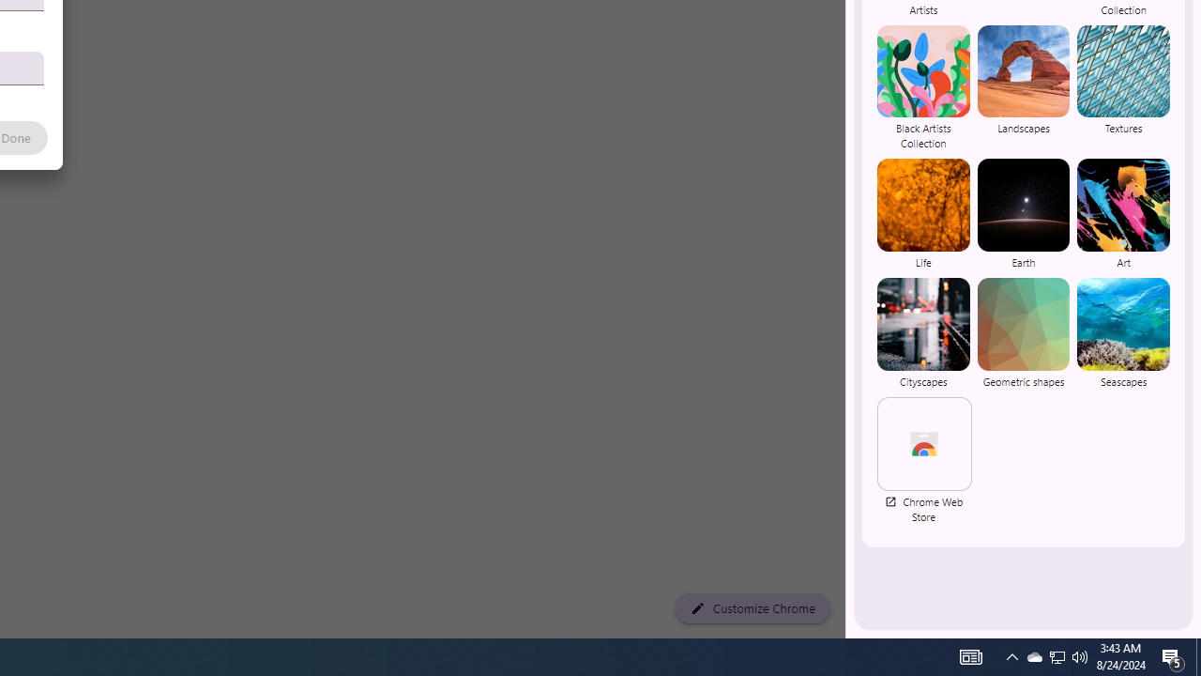 The width and height of the screenshot is (1201, 676). Describe the element at coordinates (1022, 331) in the screenshot. I see `'Geometric shapes'` at that location.